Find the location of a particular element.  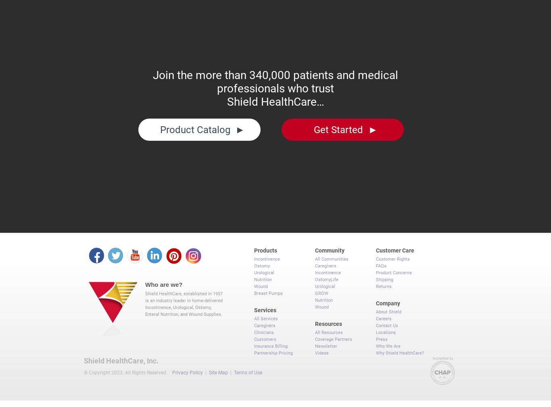

'OstomyLife' is located at coordinates (326, 276).